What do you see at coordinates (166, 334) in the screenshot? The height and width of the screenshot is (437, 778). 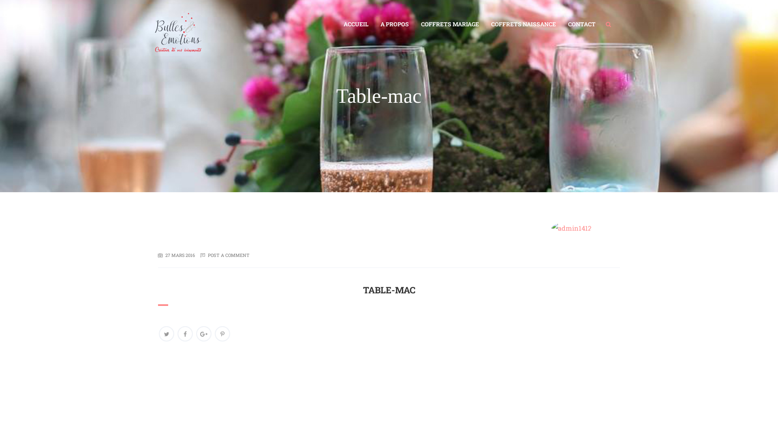 I see `'Twitter'` at bounding box center [166, 334].